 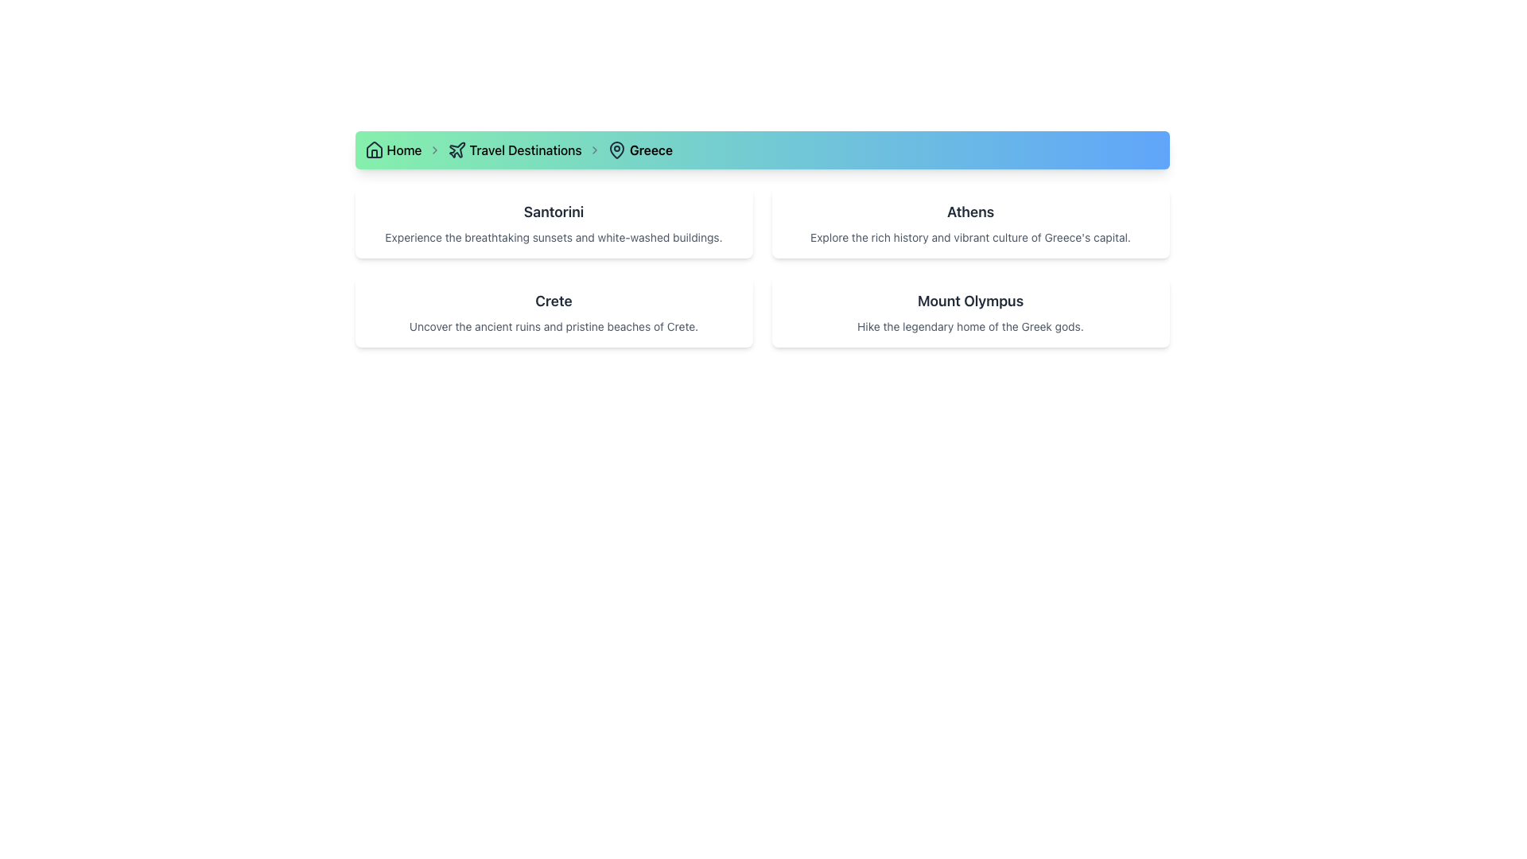 What do you see at coordinates (554, 238) in the screenshot?
I see `text element displaying 'Experience the breathtaking sunsets and white-washed buildings.' located below the title 'Santorini'` at bounding box center [554, 238].